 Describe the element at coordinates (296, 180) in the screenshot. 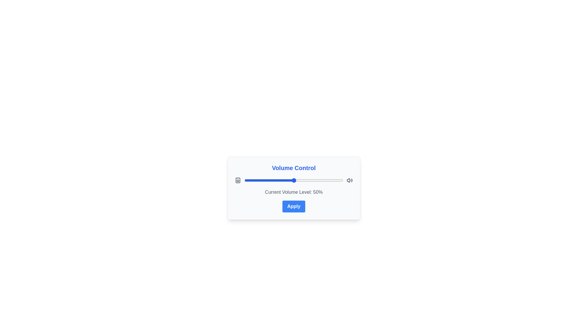

I see `the slider` at that location.